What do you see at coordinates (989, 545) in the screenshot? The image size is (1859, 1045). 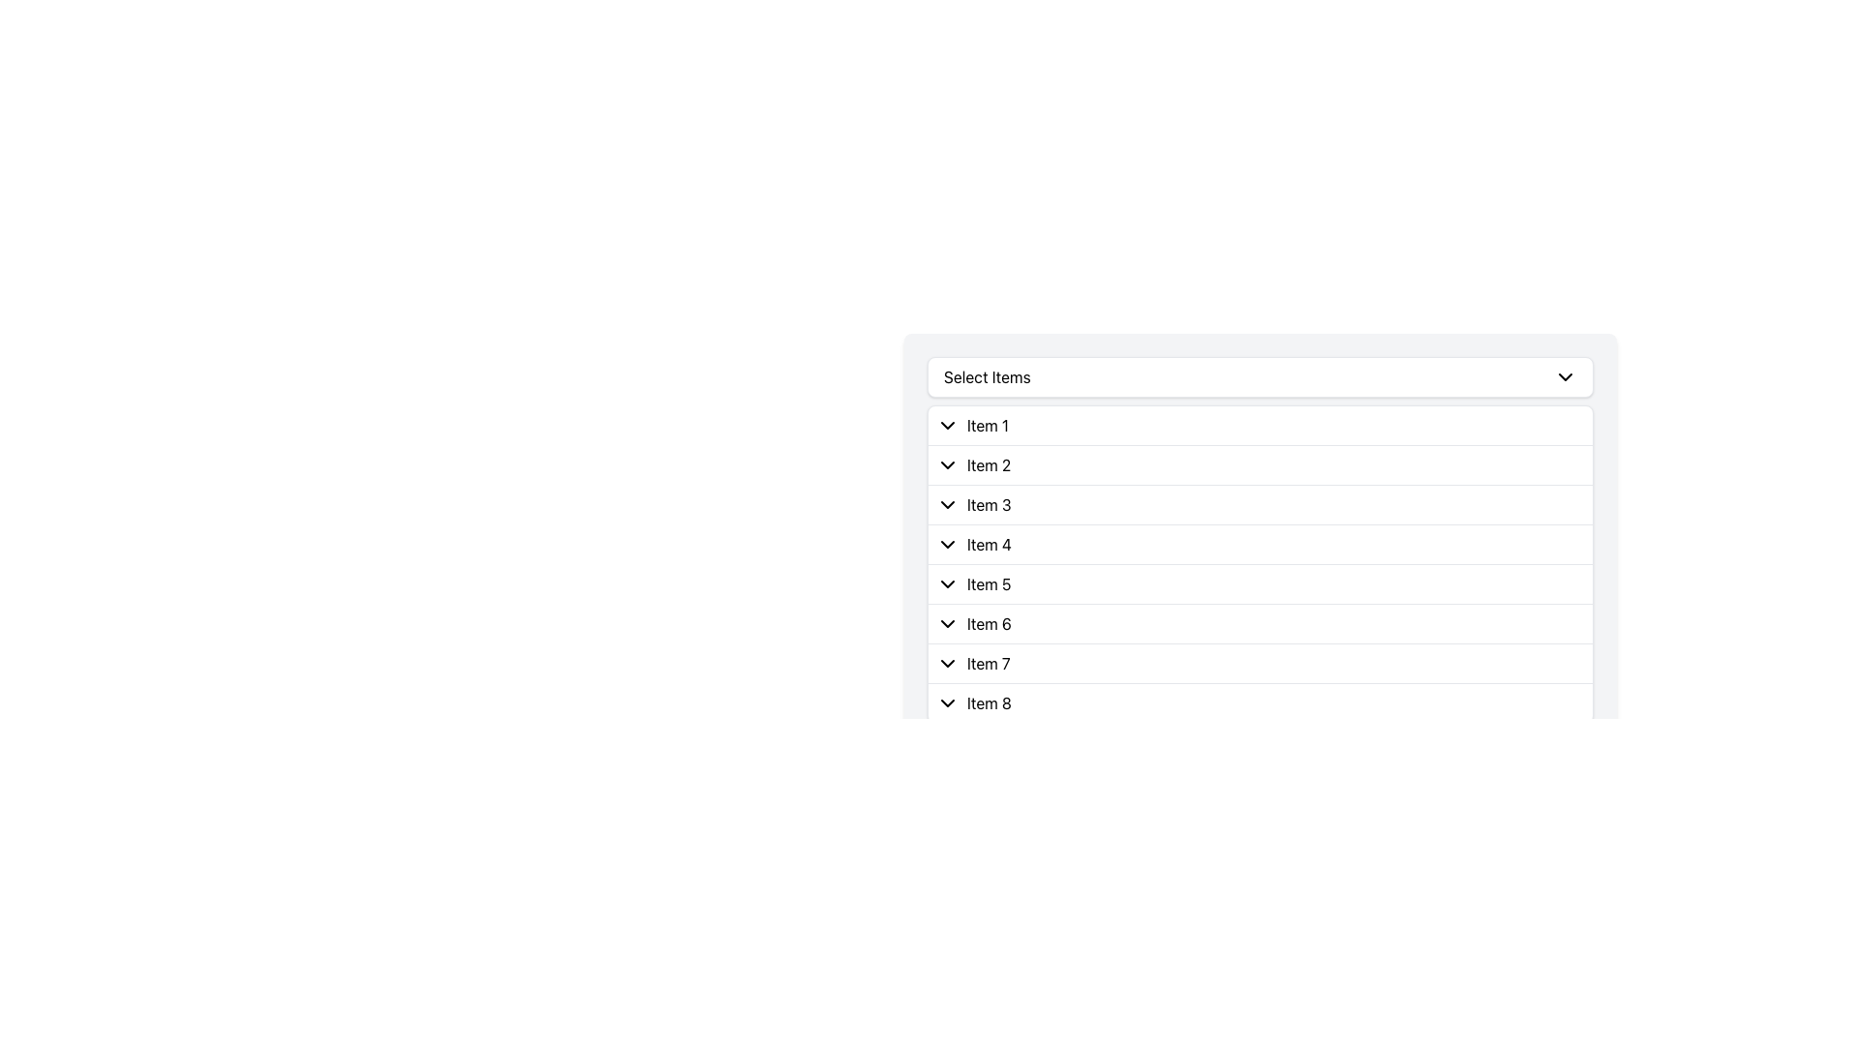 I see `the fourth item label in the dropdown list` at bounding box center [989, 545].